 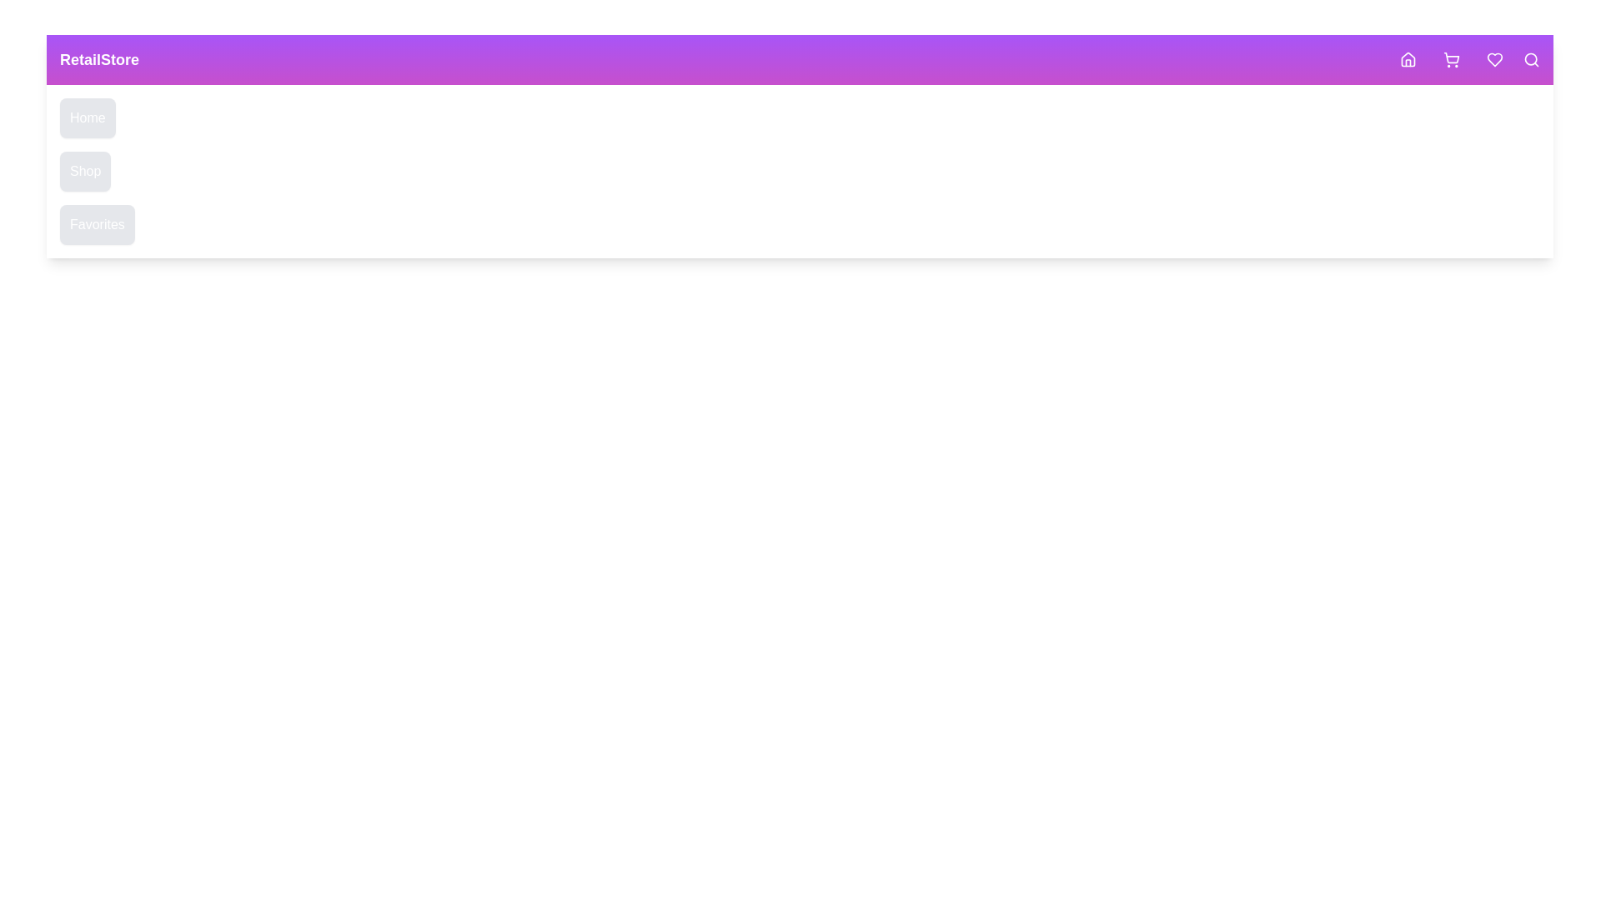 What do you see at coordinates (1495, 59) in the screenshot?
I see `the Heart button in the navigation header` at bounding box center [1495, 59].